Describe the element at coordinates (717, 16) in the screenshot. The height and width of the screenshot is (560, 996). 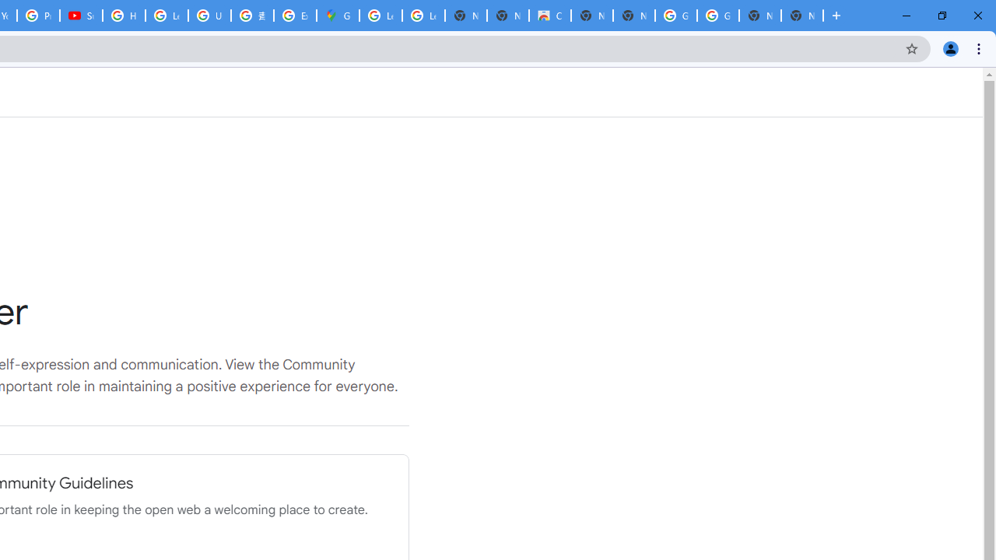
I see `'Google Images'` at that location.